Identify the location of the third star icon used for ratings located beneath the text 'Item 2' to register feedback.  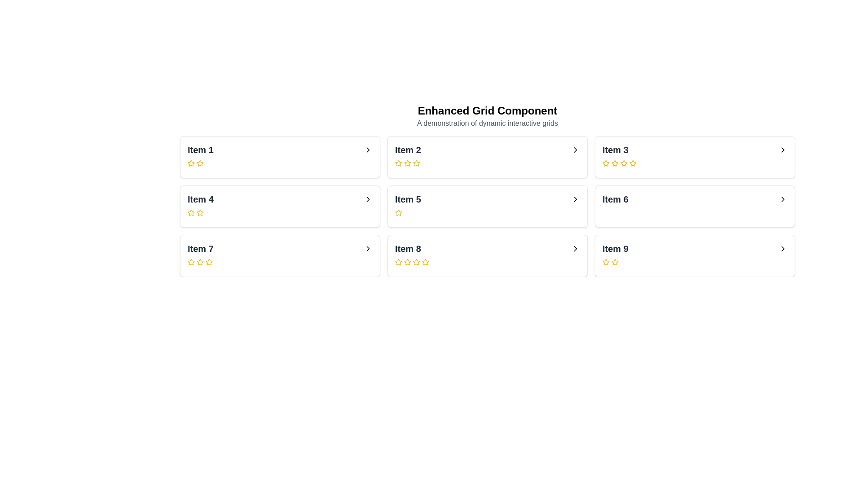
(407, 163).